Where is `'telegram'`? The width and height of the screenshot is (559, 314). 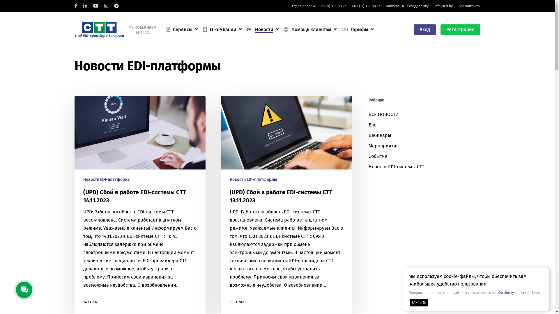
'telegram' is located at coordinates (116, 6).